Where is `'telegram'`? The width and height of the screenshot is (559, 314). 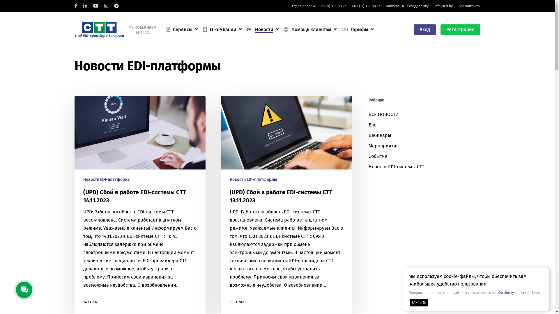
'telegram' is located at coordinates (116, 6).